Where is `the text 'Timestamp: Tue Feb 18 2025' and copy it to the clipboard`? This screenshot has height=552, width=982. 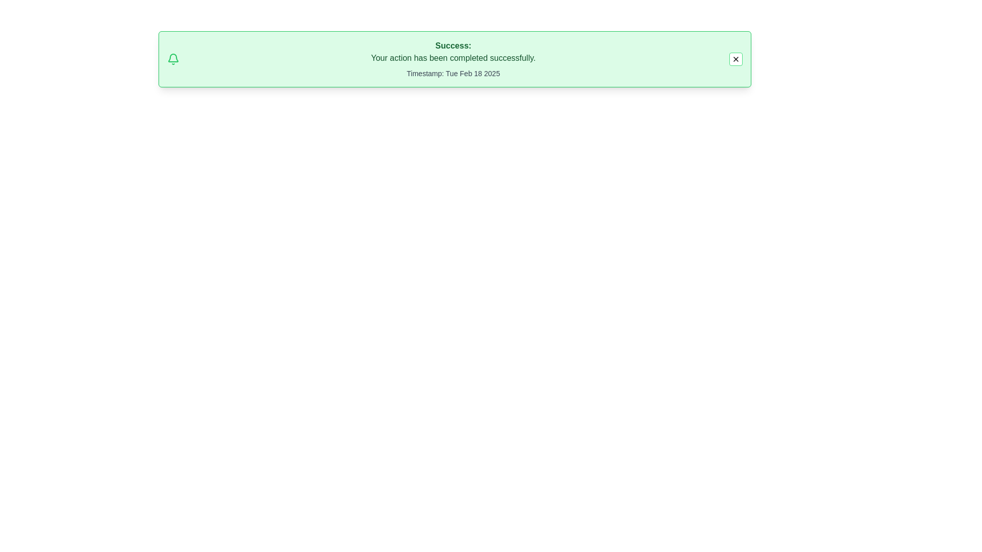 the text 'Timestamp: Tue Feb 18 2025' and copy it to the clipboard is located at coordinates (453, 73).